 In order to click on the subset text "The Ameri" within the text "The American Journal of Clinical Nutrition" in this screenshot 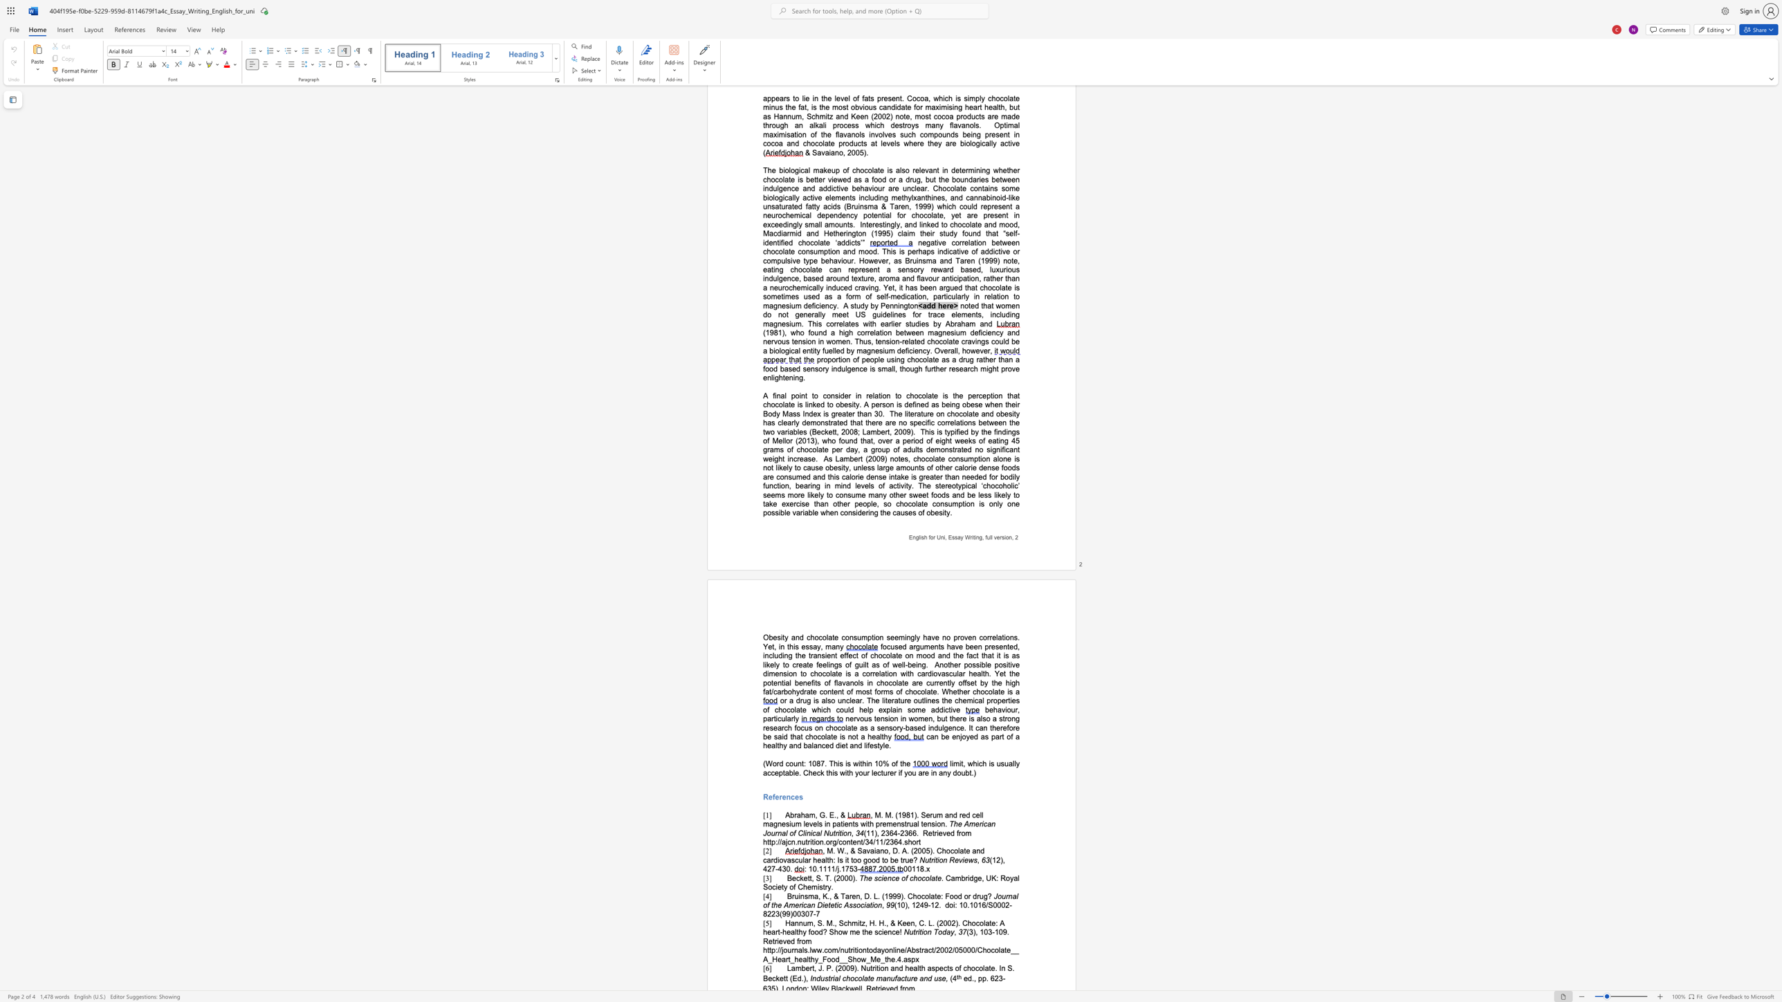, I will do `click(948, 823)`.